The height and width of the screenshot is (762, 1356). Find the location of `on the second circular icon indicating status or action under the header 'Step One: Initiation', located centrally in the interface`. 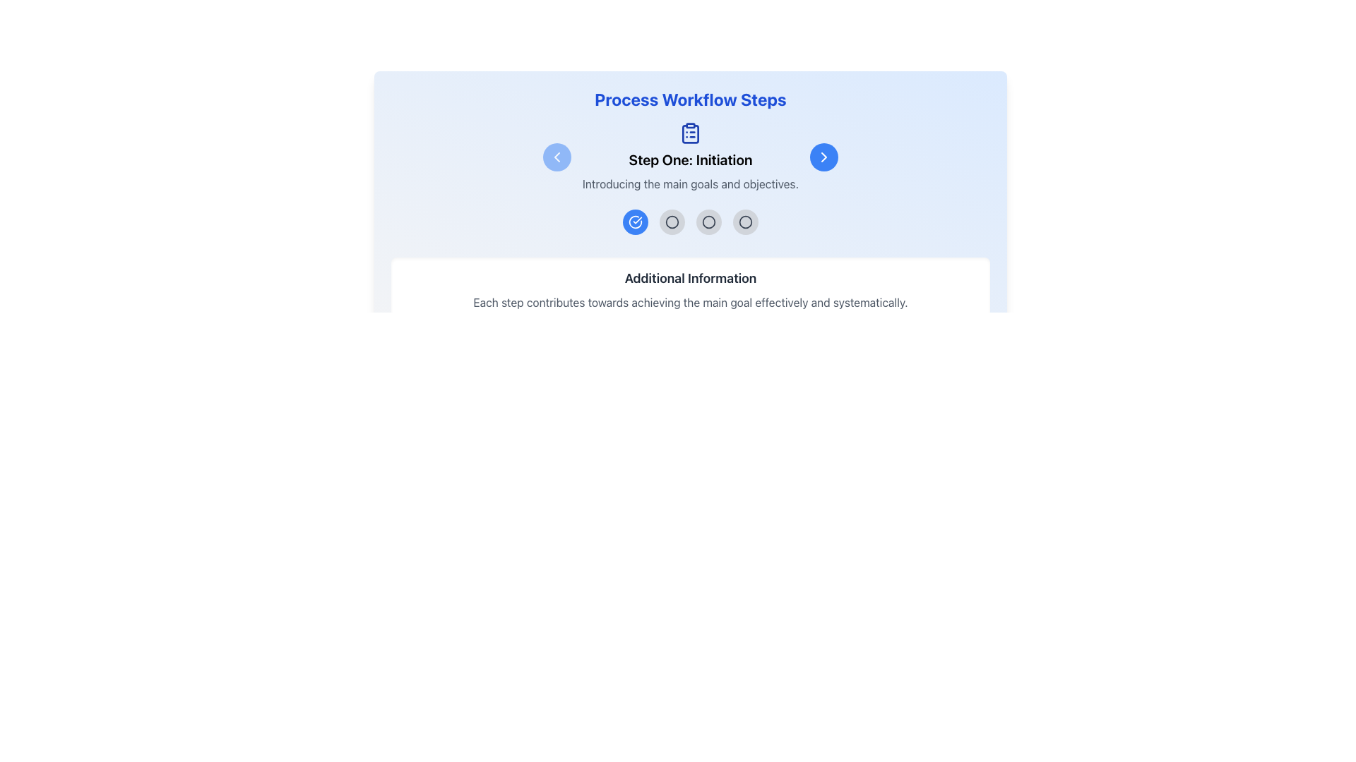

on the second circular icon indicating status or action under the header 'Step One: Initiation', located centrally in the interface is located at coordinates (708, 222).